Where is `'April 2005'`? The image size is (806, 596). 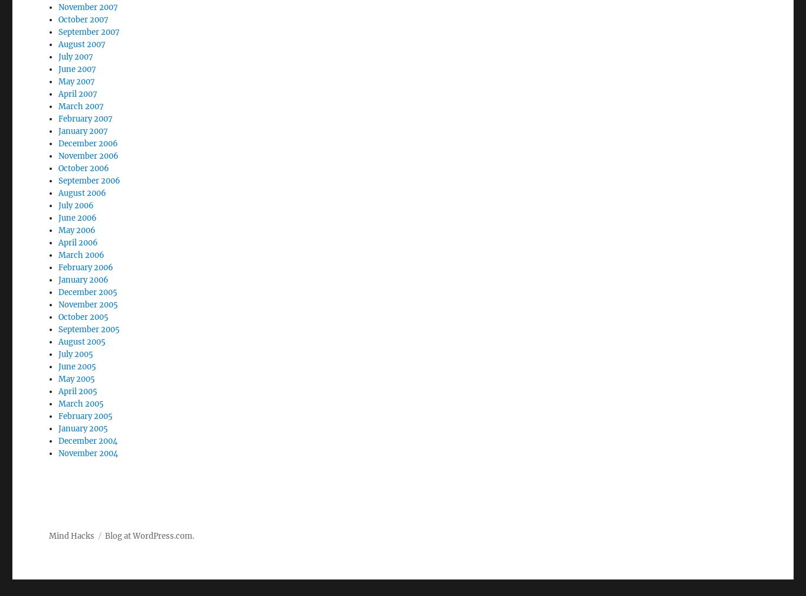
'April 2005' is located at coordinates (77, 358).